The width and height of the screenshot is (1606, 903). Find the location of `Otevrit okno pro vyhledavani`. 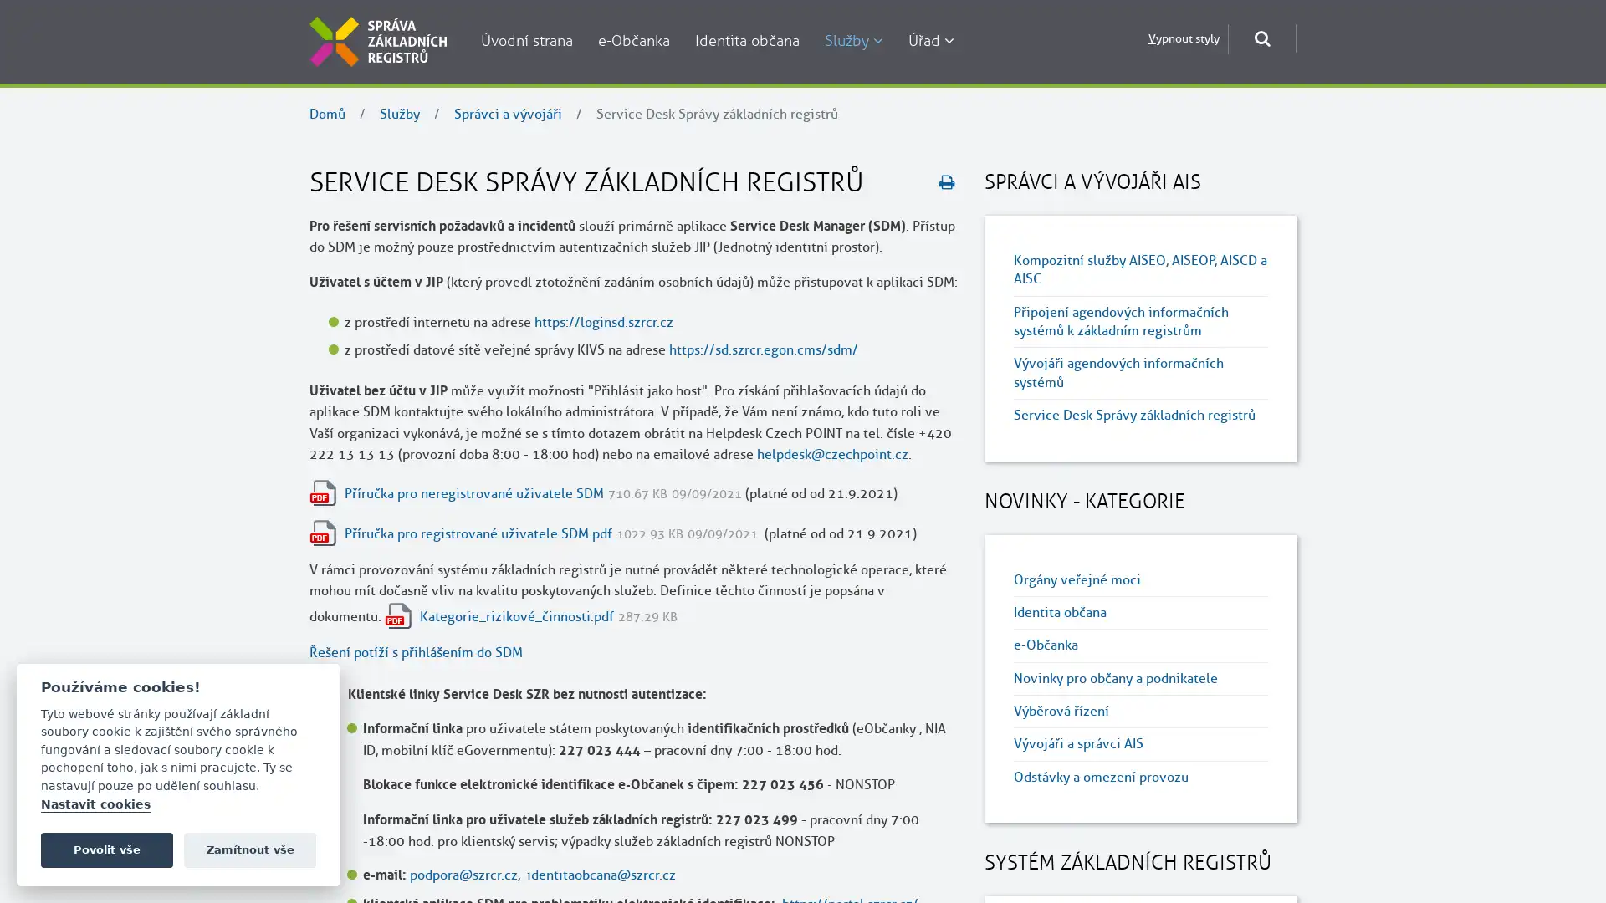

Otevrit okno pro vyhledavani is located at coordinates (1261, 38).